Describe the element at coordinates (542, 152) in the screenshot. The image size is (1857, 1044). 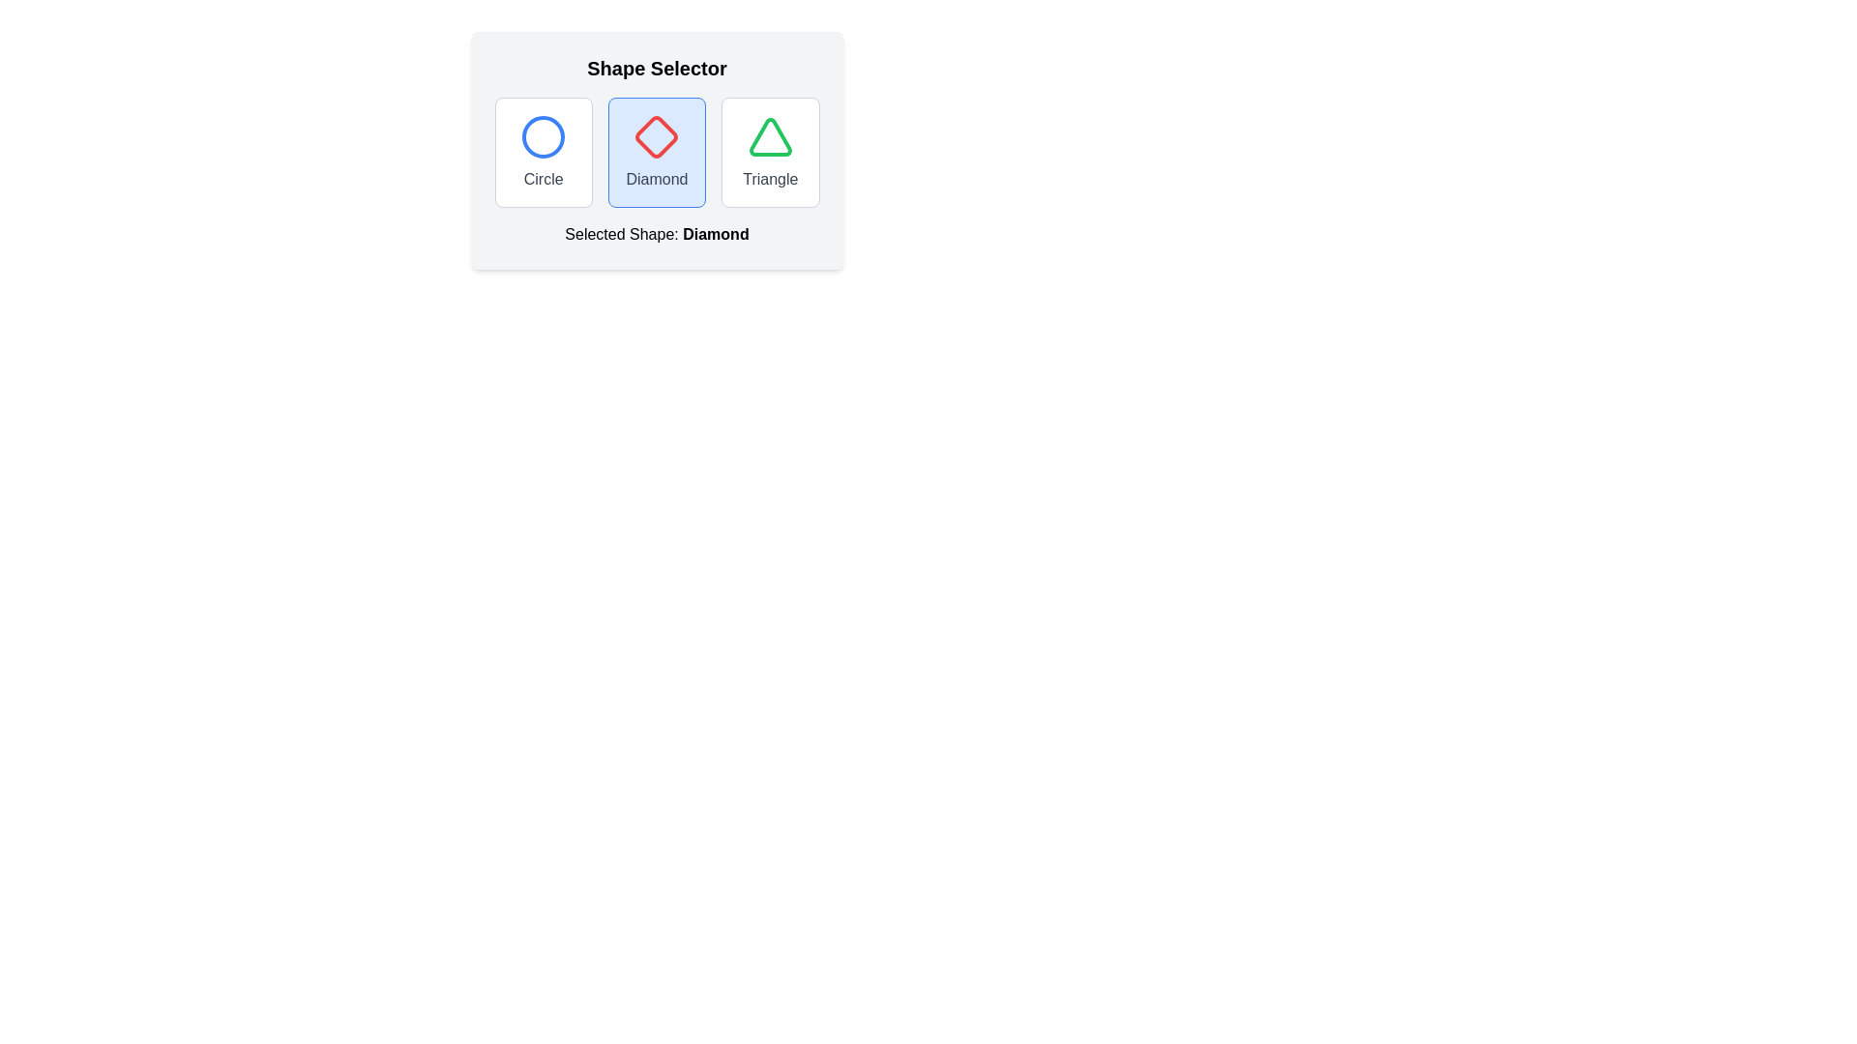
I see `the first shape selector button in the grid layout` at that location.